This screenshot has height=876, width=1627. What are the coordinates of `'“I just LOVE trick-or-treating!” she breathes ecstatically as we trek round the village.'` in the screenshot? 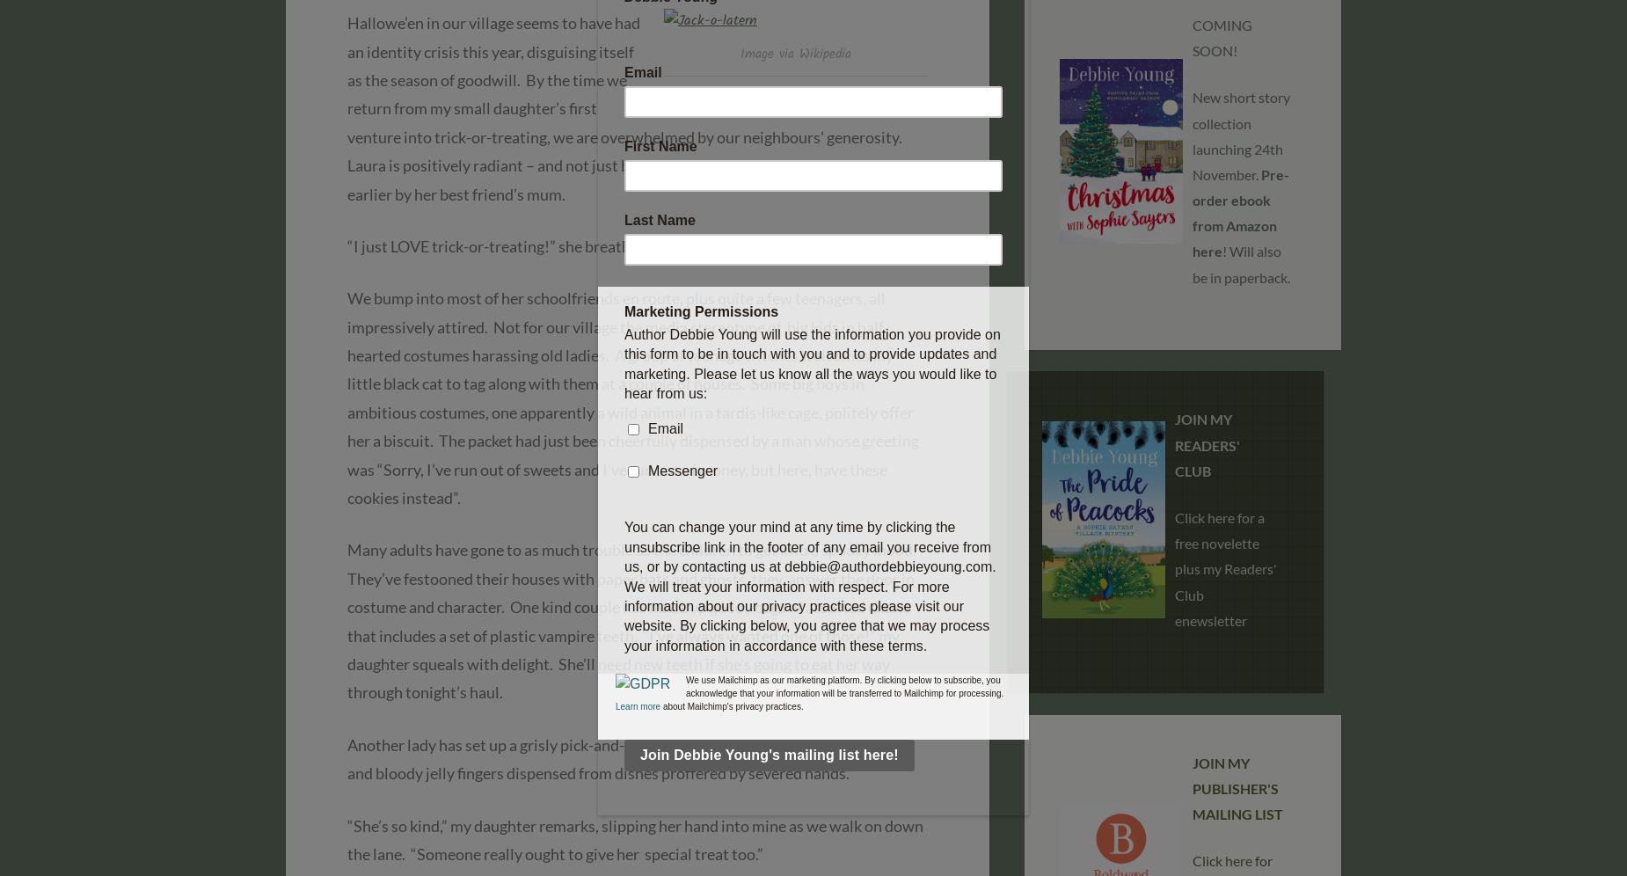 It's located at (346, 245).